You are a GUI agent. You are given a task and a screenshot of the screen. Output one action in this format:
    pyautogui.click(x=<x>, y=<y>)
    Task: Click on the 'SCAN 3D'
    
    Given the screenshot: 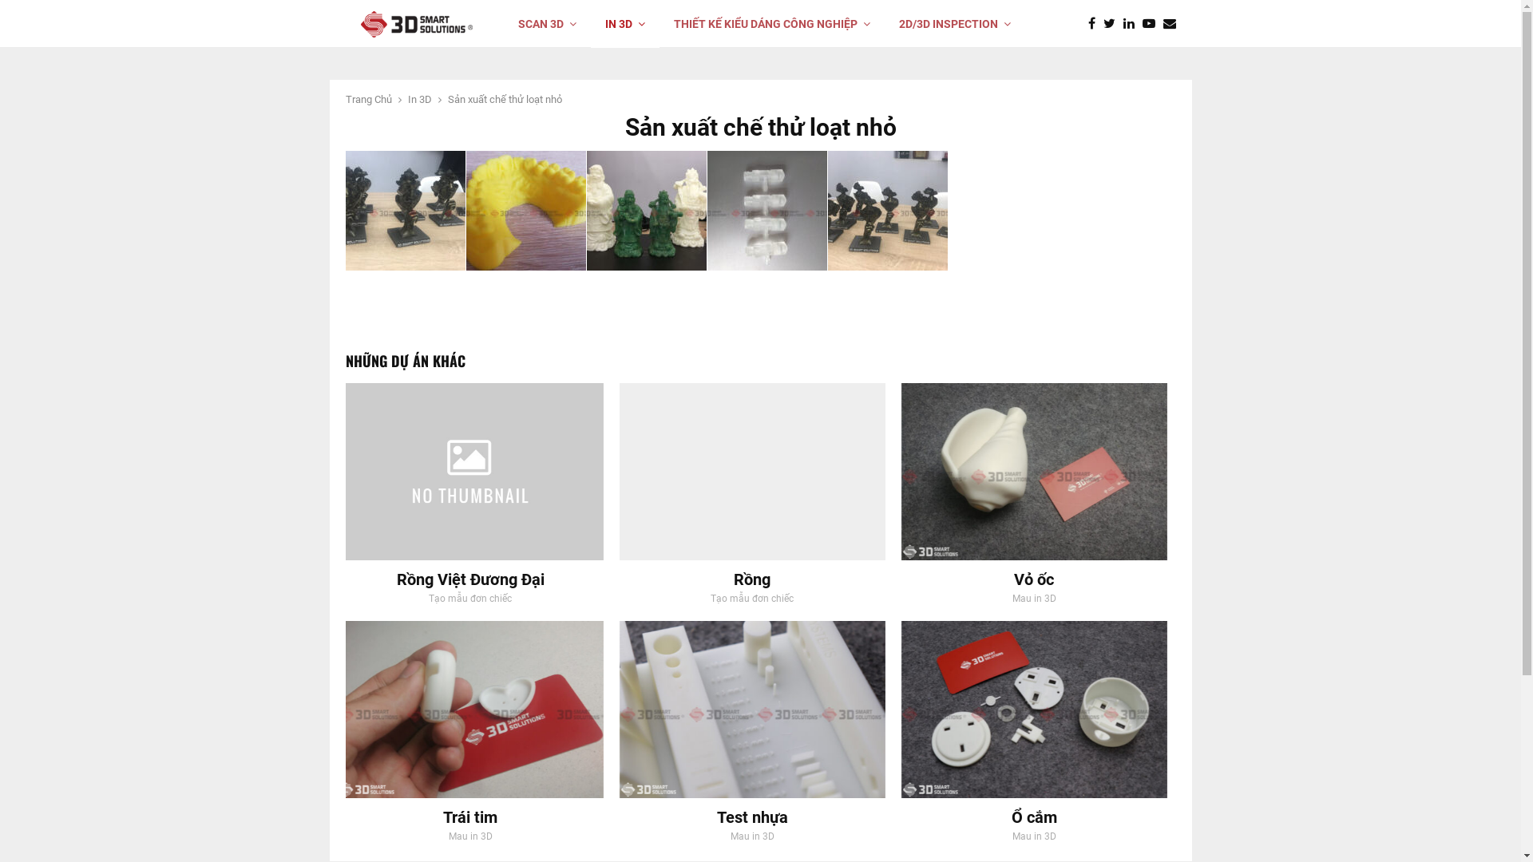 What is the action you would take?
    pyautogui.click(x=502, y=24)
    